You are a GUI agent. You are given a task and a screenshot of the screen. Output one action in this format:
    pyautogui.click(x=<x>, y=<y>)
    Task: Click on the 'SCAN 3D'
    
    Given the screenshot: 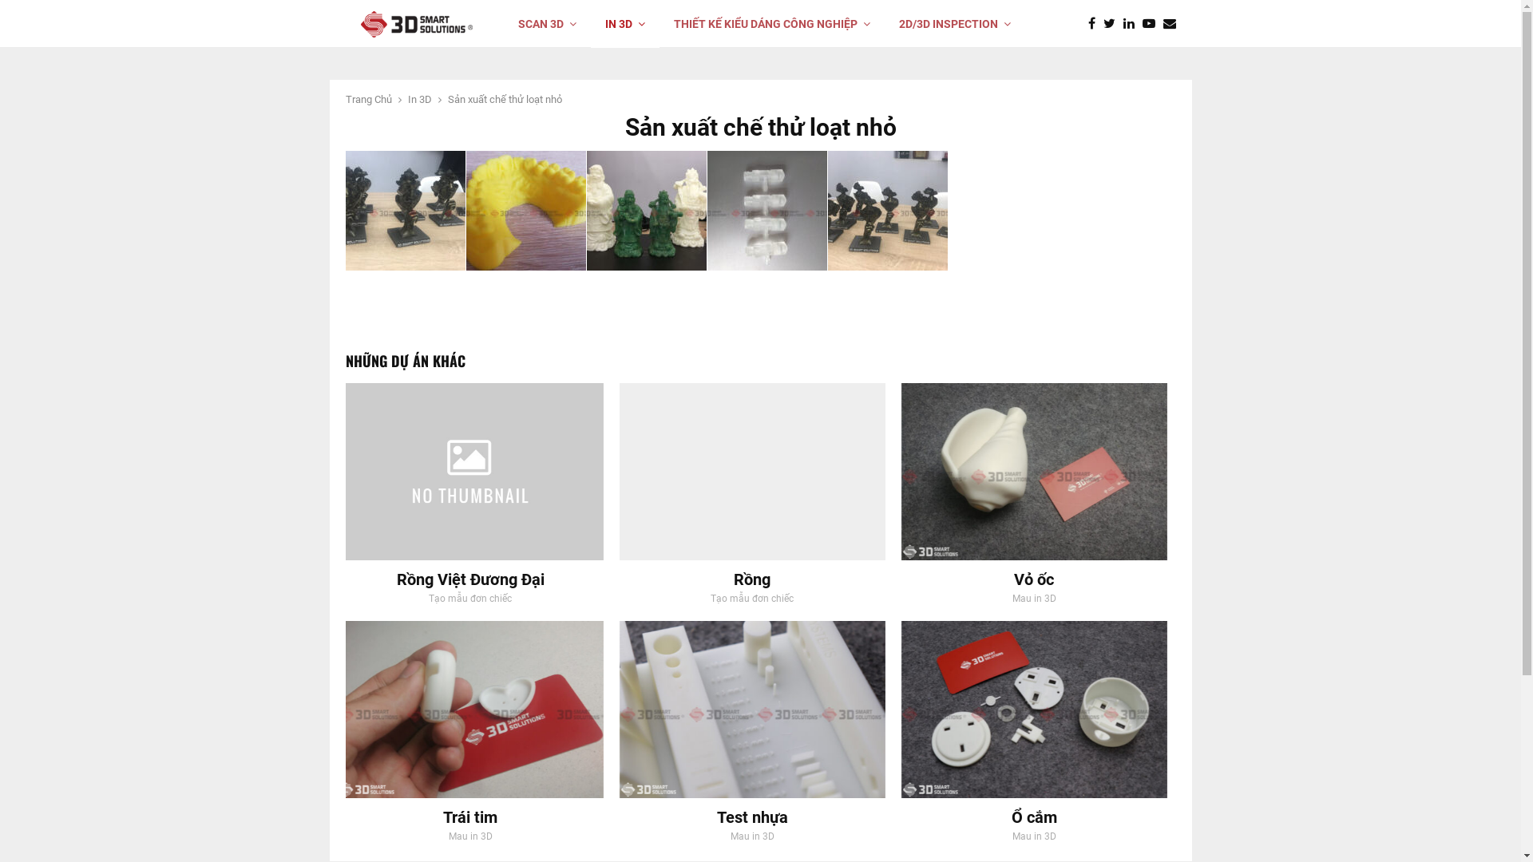 What is the action you would take?
    pyautogui.click(x=502, y=24)
    